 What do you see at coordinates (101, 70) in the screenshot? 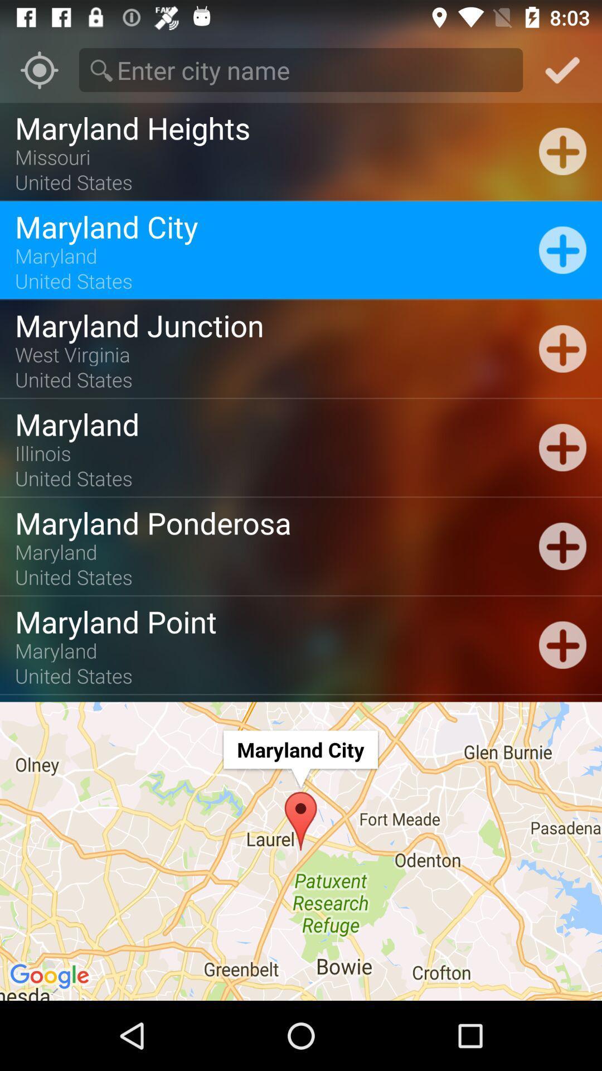
I see `the search icon on the top left beside the enter my name` at bounding box center [101, 70].